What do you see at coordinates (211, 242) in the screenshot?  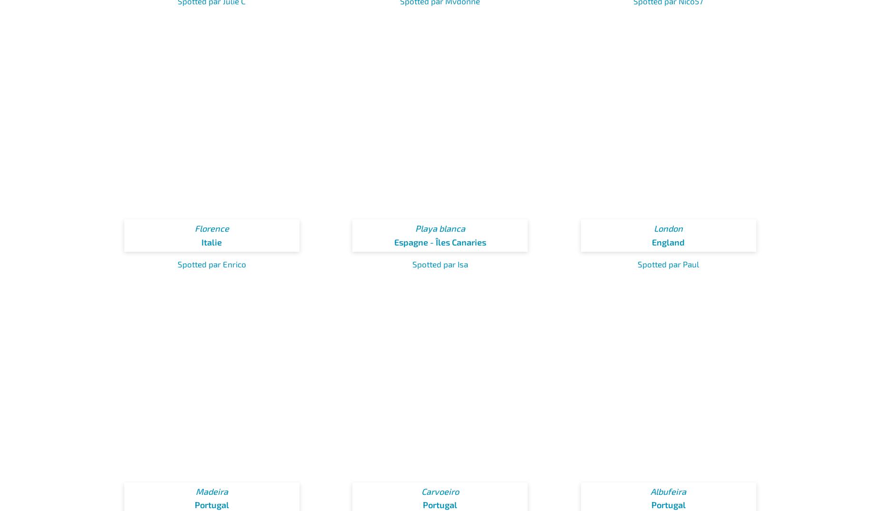 I see `'Italie'` at bounding box center [211, 242].